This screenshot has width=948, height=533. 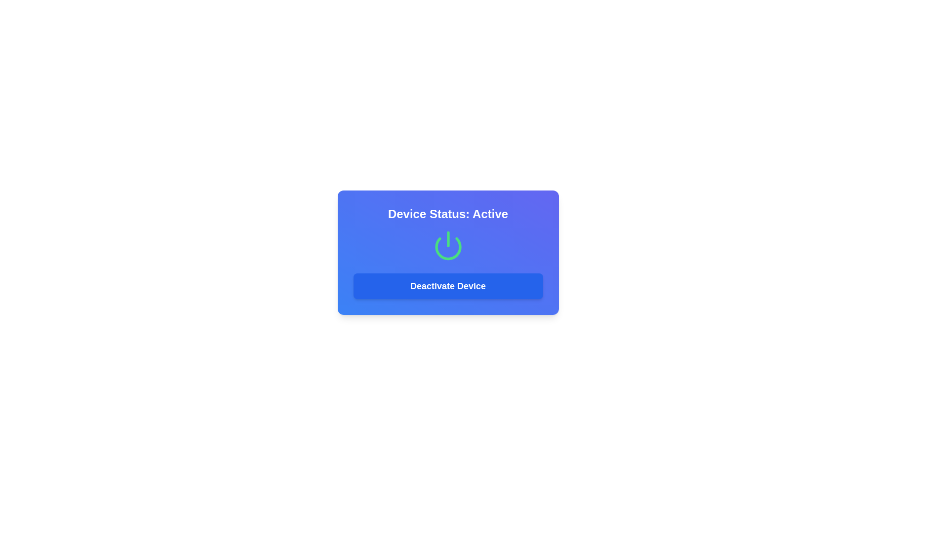 I want to click on the power status icon, which is located below the text 'Device Status: Active' and above the 'Deactivate Device' button, serving as a representation of the device's current power status, so click(x=447, y=245).